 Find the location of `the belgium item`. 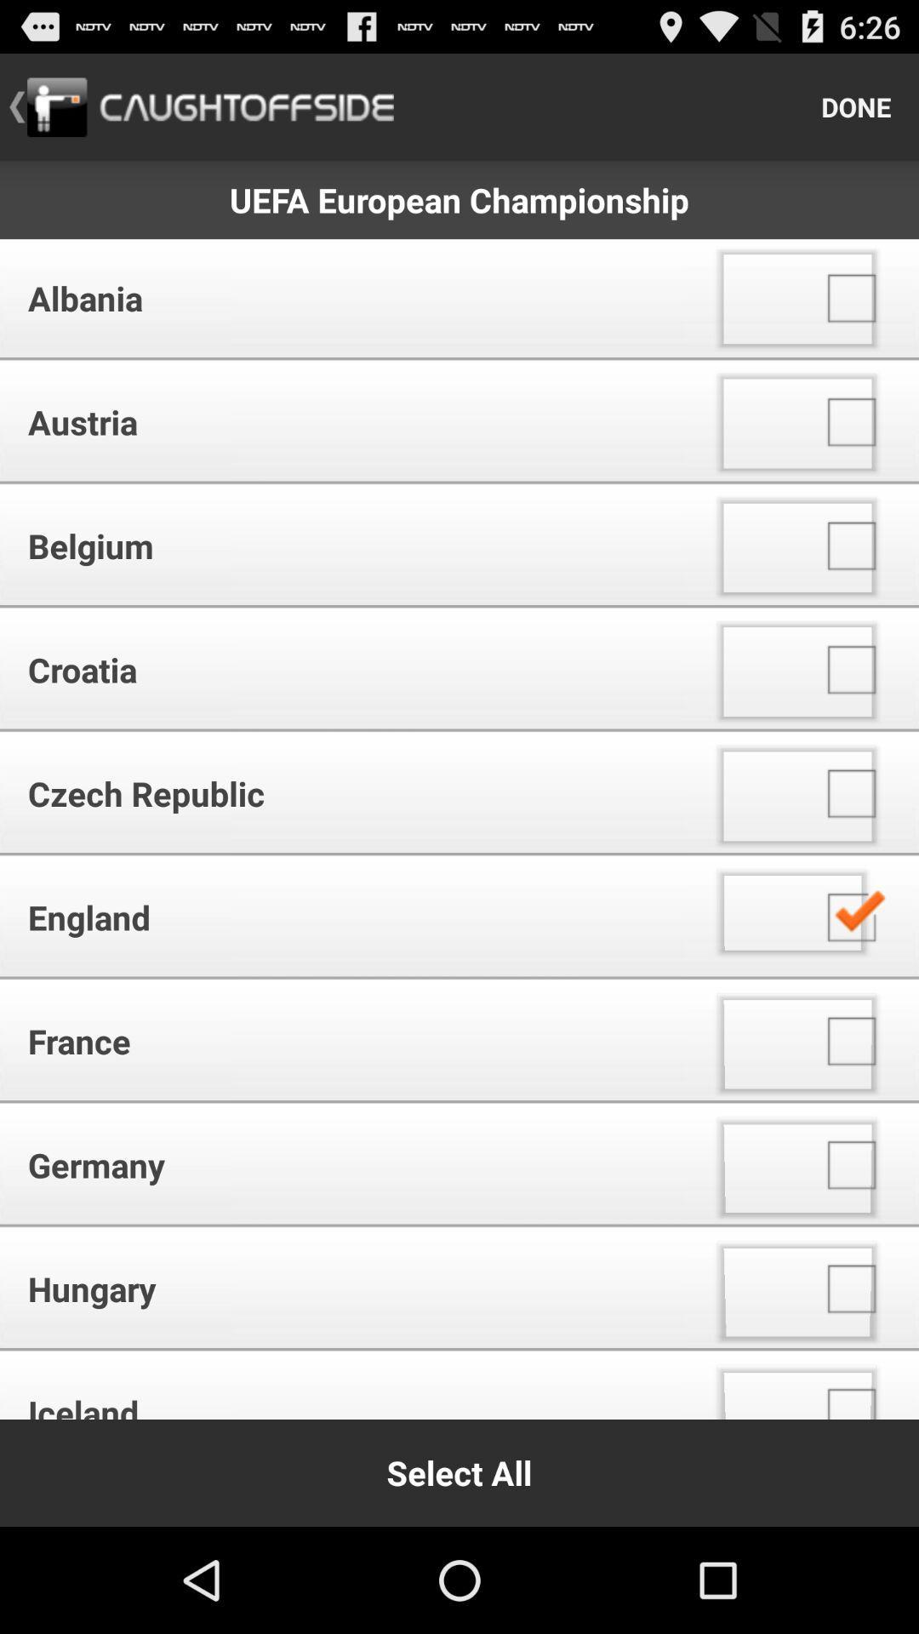

the belgium item is located at coordinates (348, 546).